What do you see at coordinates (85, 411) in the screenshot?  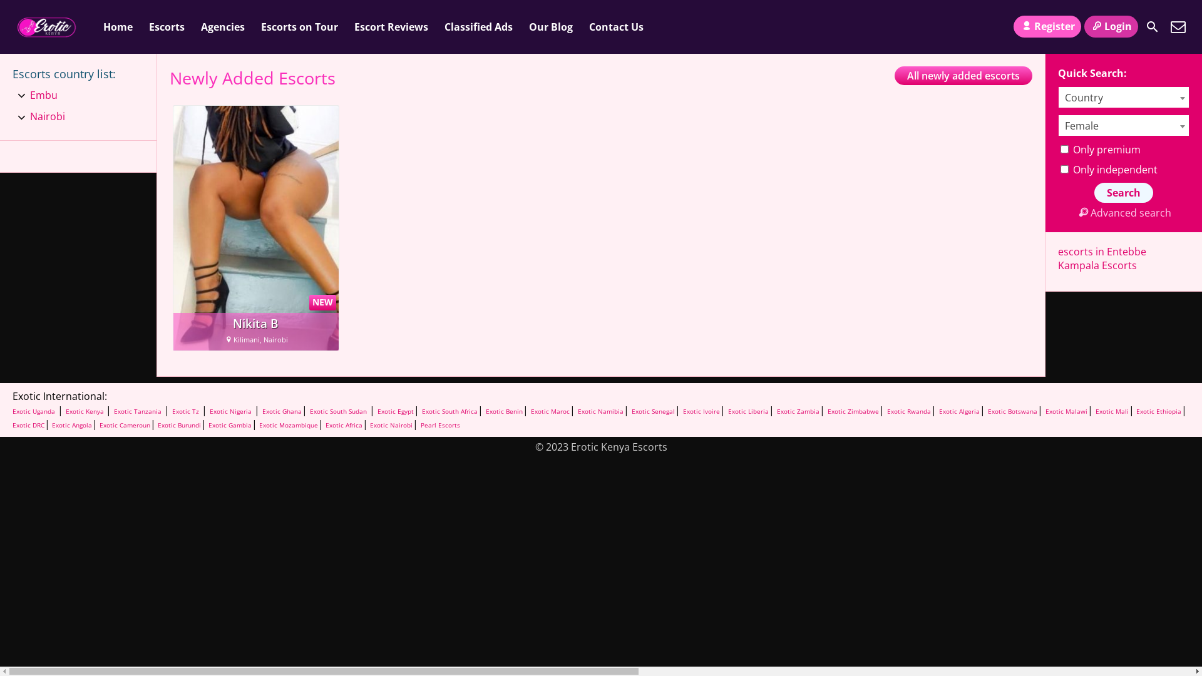 I see `'Exotic Kenya'` at bounding box center [85, 411].